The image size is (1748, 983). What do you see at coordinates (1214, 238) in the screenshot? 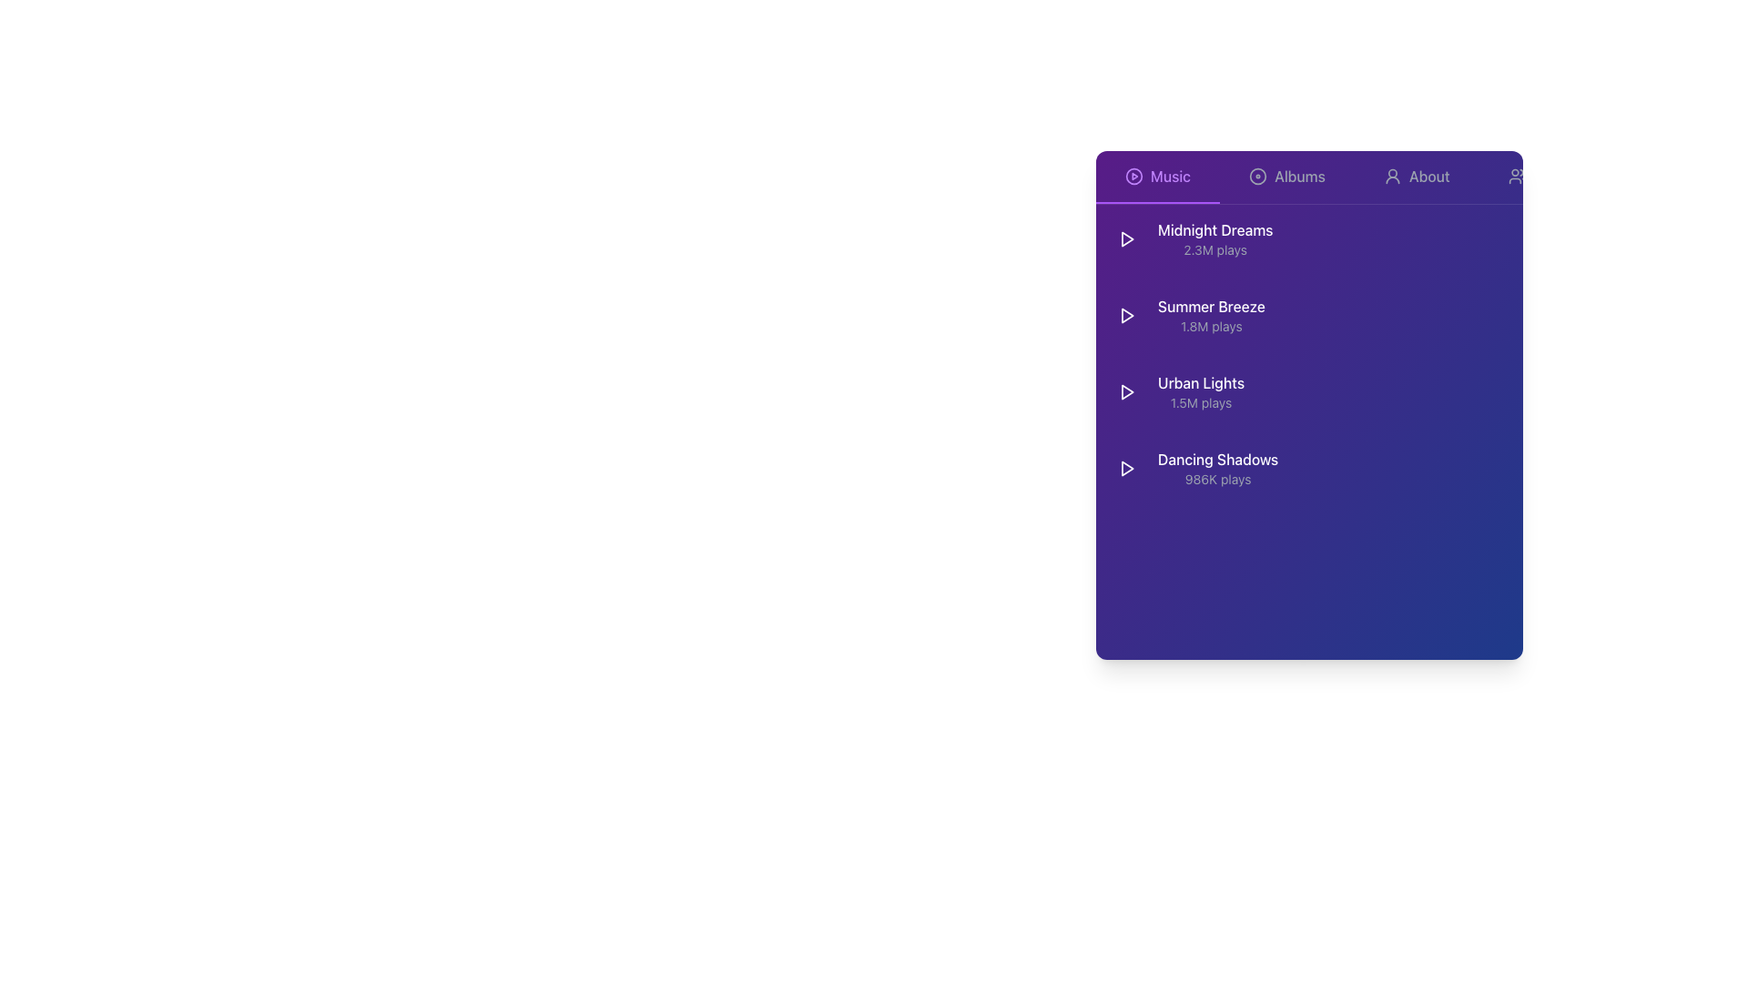
I see `the 'Midnight Dreams' text label, which is the first item in the list of music tracks and is accompanied by a play icon on its left` at bounding box center [1214, 238].